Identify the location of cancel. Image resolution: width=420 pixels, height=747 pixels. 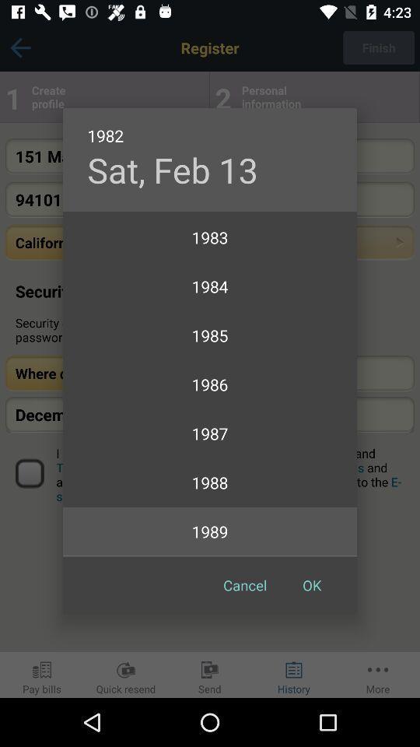
(245, 584).